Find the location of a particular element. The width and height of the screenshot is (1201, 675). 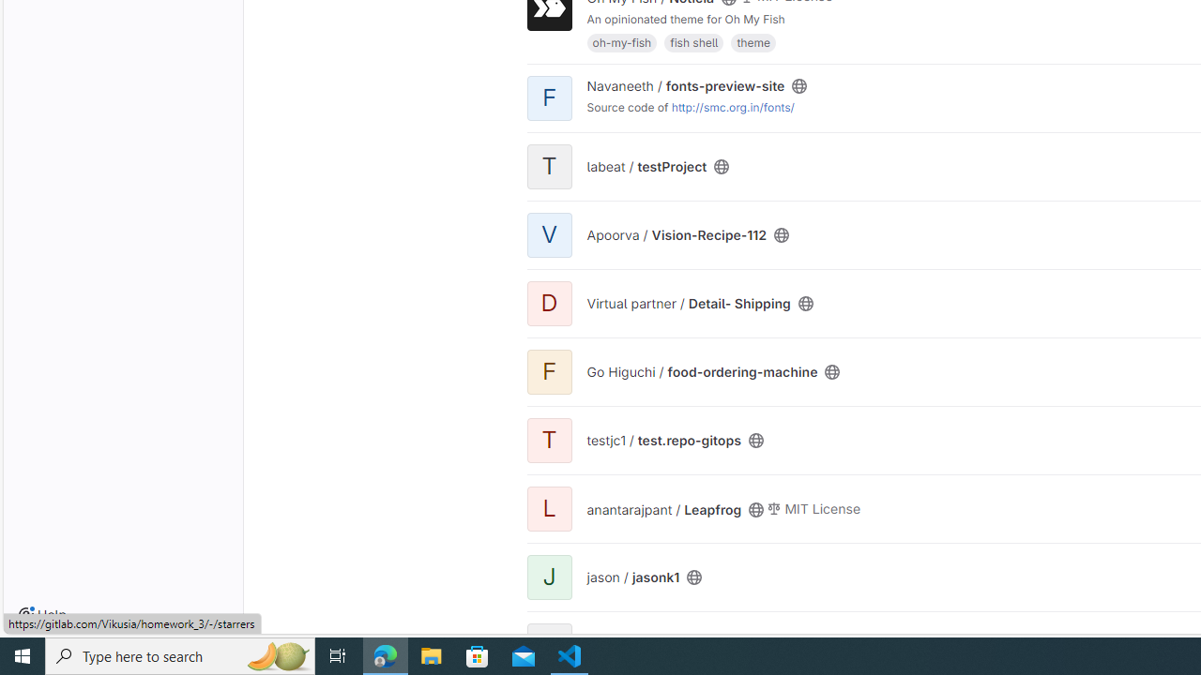

'Navaneeth / fonts-preview-site' is located at coordinates (684, 85).